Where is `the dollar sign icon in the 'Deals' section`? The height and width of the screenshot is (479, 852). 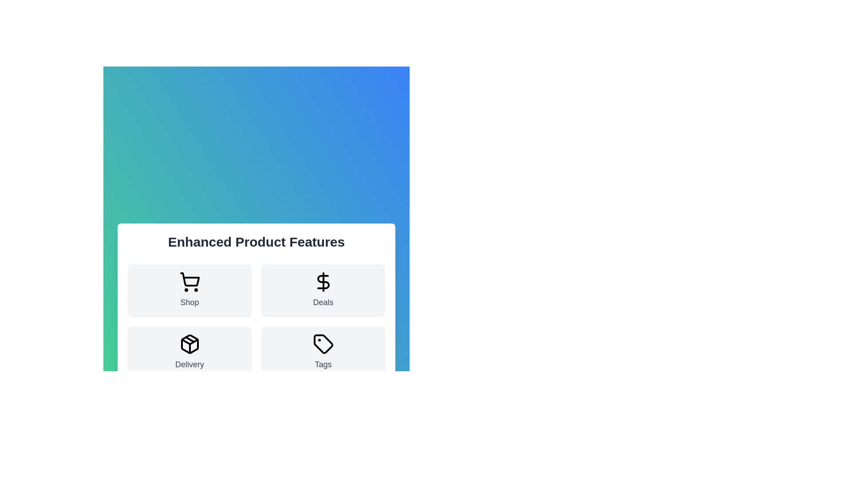
the dollar sign icon in the 'Deals' section is located at coordinates (323, 282).